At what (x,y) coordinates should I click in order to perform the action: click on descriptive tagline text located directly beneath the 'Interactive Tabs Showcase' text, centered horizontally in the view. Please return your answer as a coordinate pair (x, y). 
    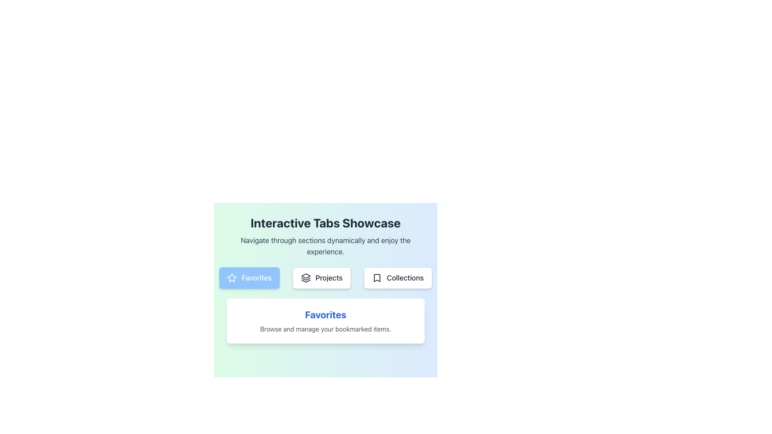
    Looking at the image, I should click on (326, 246).